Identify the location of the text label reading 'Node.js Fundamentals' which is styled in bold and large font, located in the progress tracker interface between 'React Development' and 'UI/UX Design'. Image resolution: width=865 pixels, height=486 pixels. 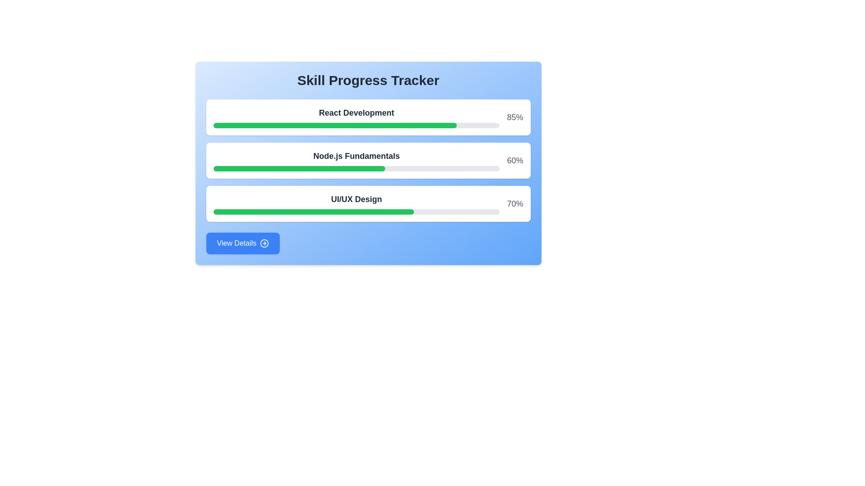
(356, 156).